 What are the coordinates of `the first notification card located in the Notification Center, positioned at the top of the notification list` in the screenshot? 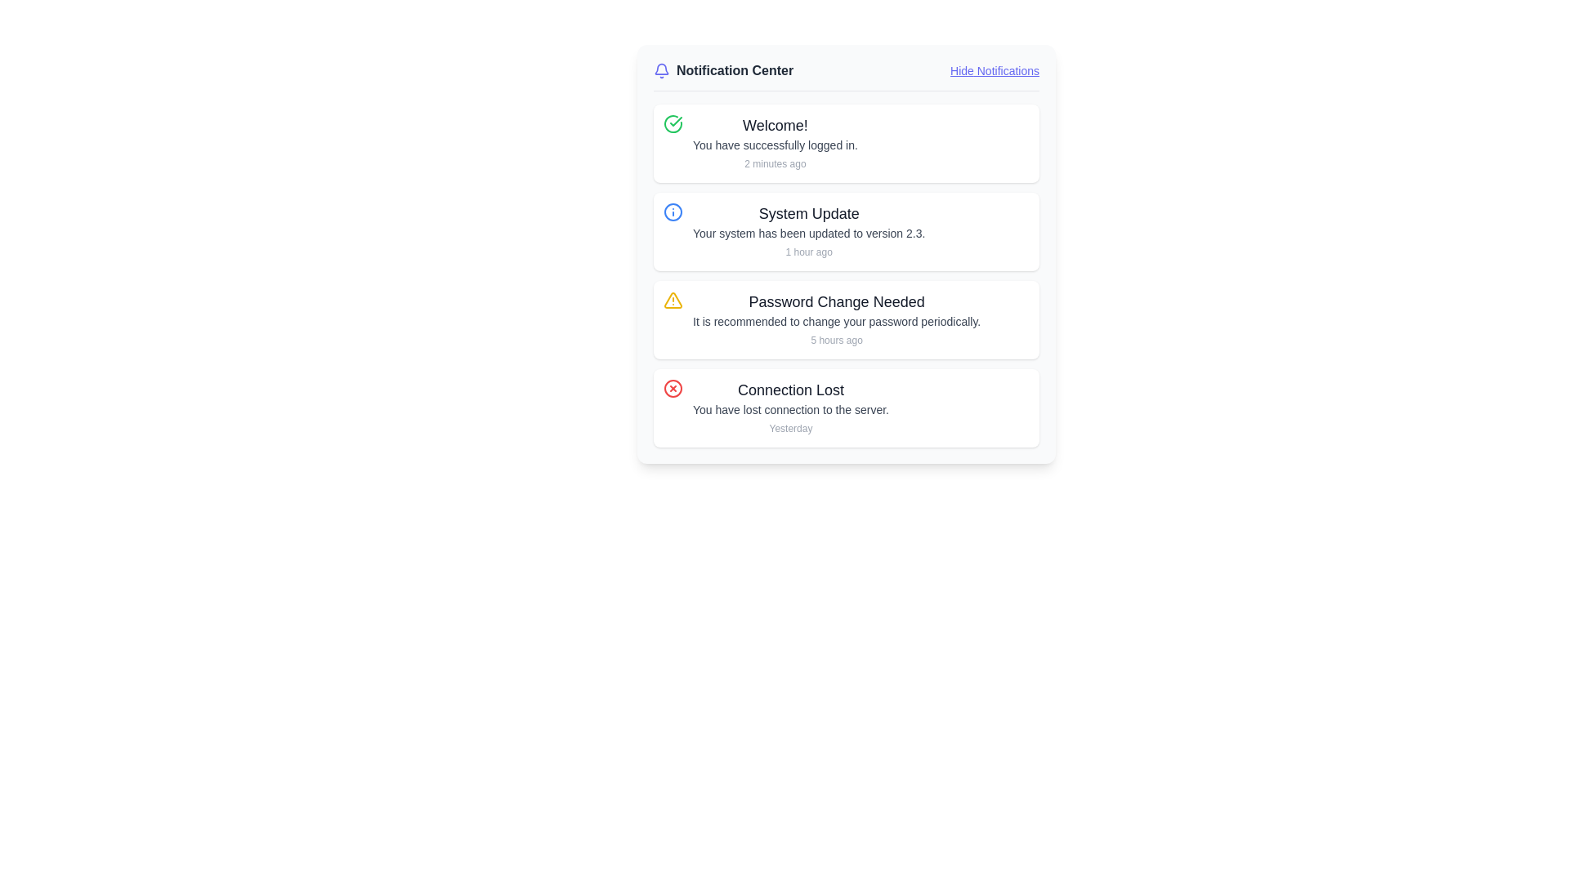 It's located at (847, 143).